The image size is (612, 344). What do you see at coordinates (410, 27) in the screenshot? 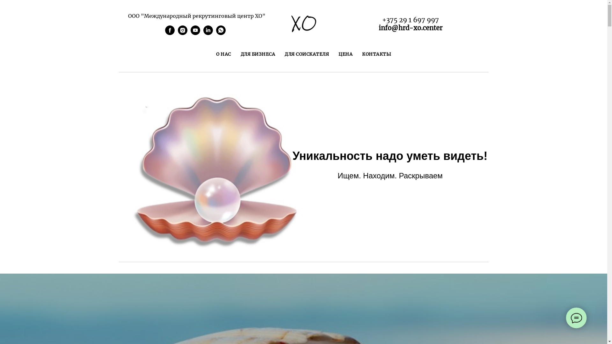
I see `'info@hrd-xo.center'` at bounding box center [410, 27].